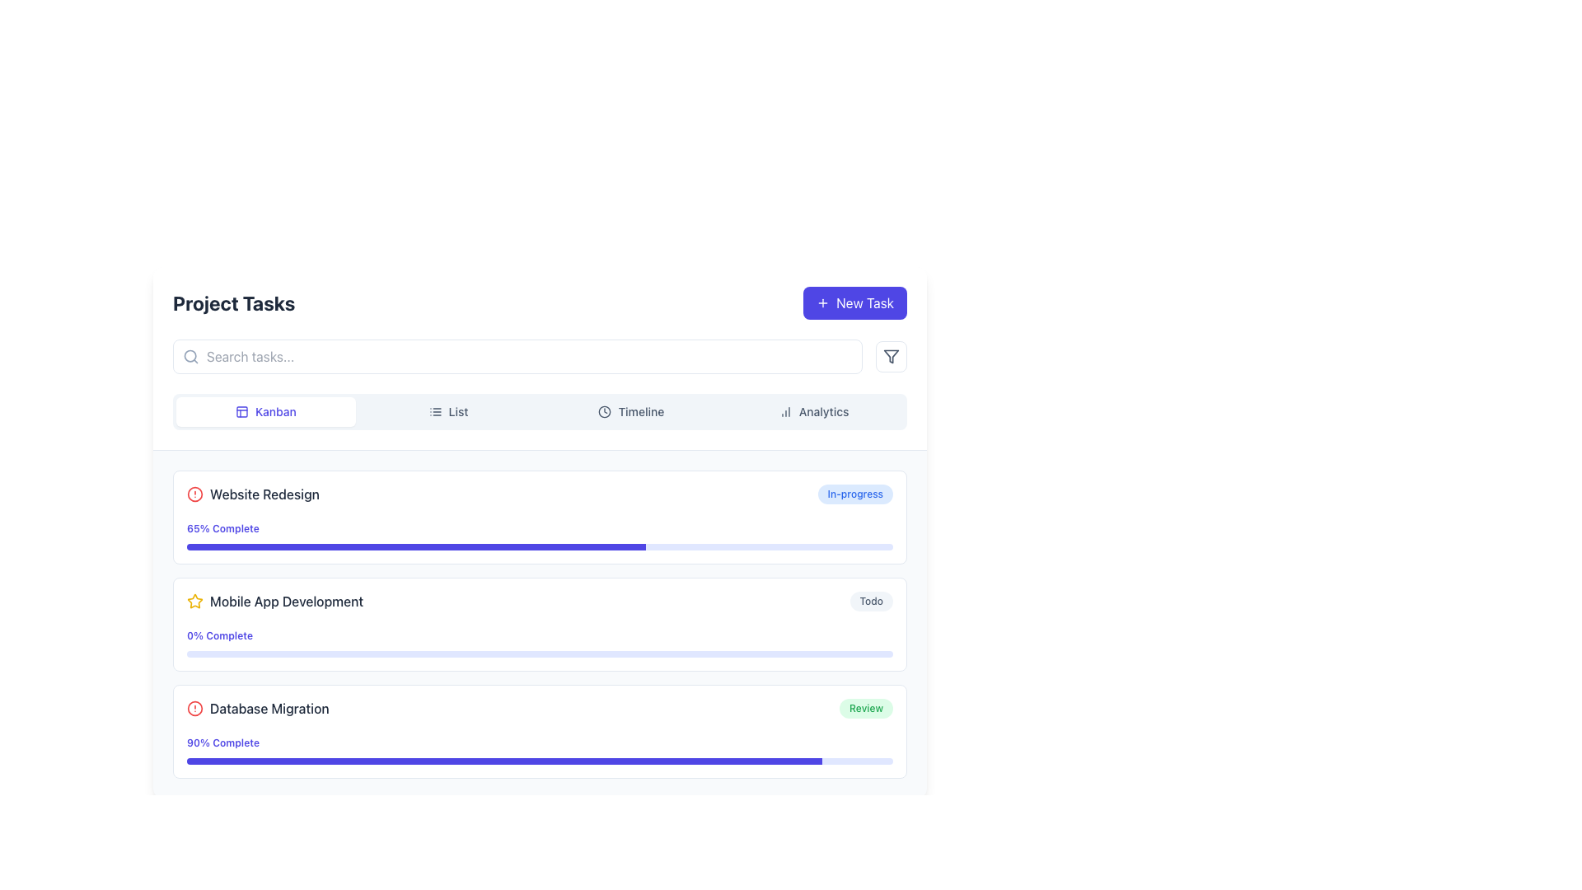 This screenshot has height=890, width=1582. What do you see at coordinates (190, 355) in the screenshot?
I see `the magnifying glass icon, which is a minimalistic design indicating search functionality, located on the left side of the search bar in the header section` at bounding box center [190, 355].